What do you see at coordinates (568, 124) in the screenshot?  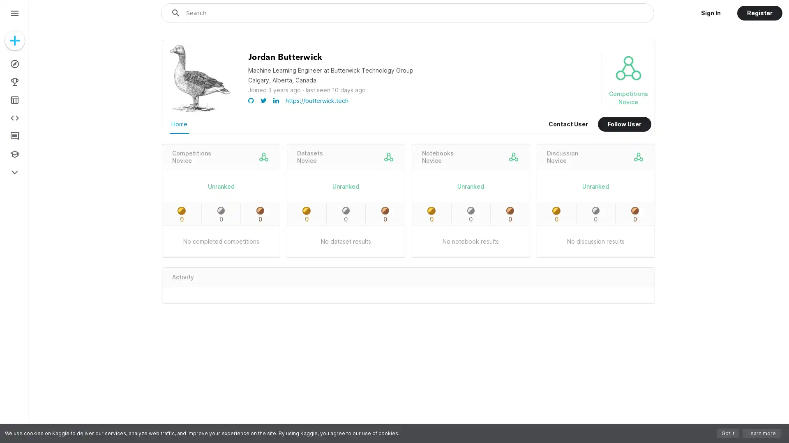 I see `Contact User` at bounding box center [568, 124].